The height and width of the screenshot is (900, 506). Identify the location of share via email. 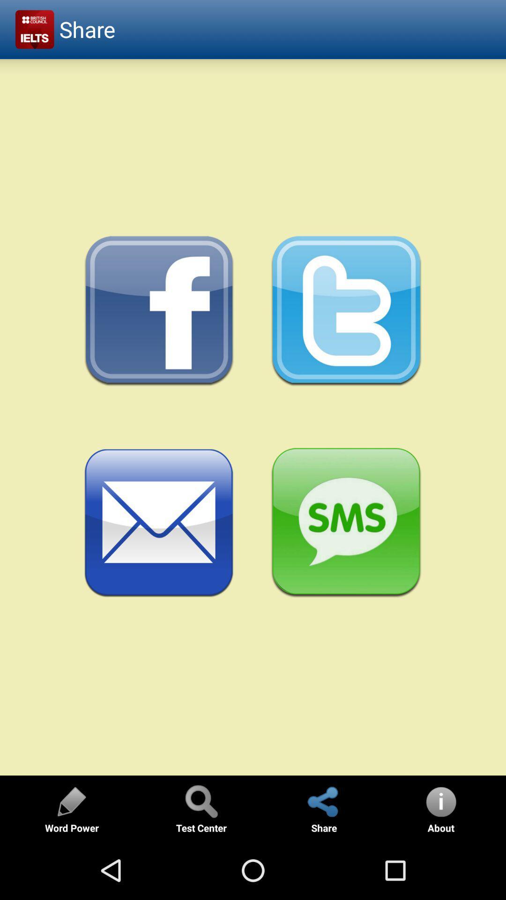
(159, 523).